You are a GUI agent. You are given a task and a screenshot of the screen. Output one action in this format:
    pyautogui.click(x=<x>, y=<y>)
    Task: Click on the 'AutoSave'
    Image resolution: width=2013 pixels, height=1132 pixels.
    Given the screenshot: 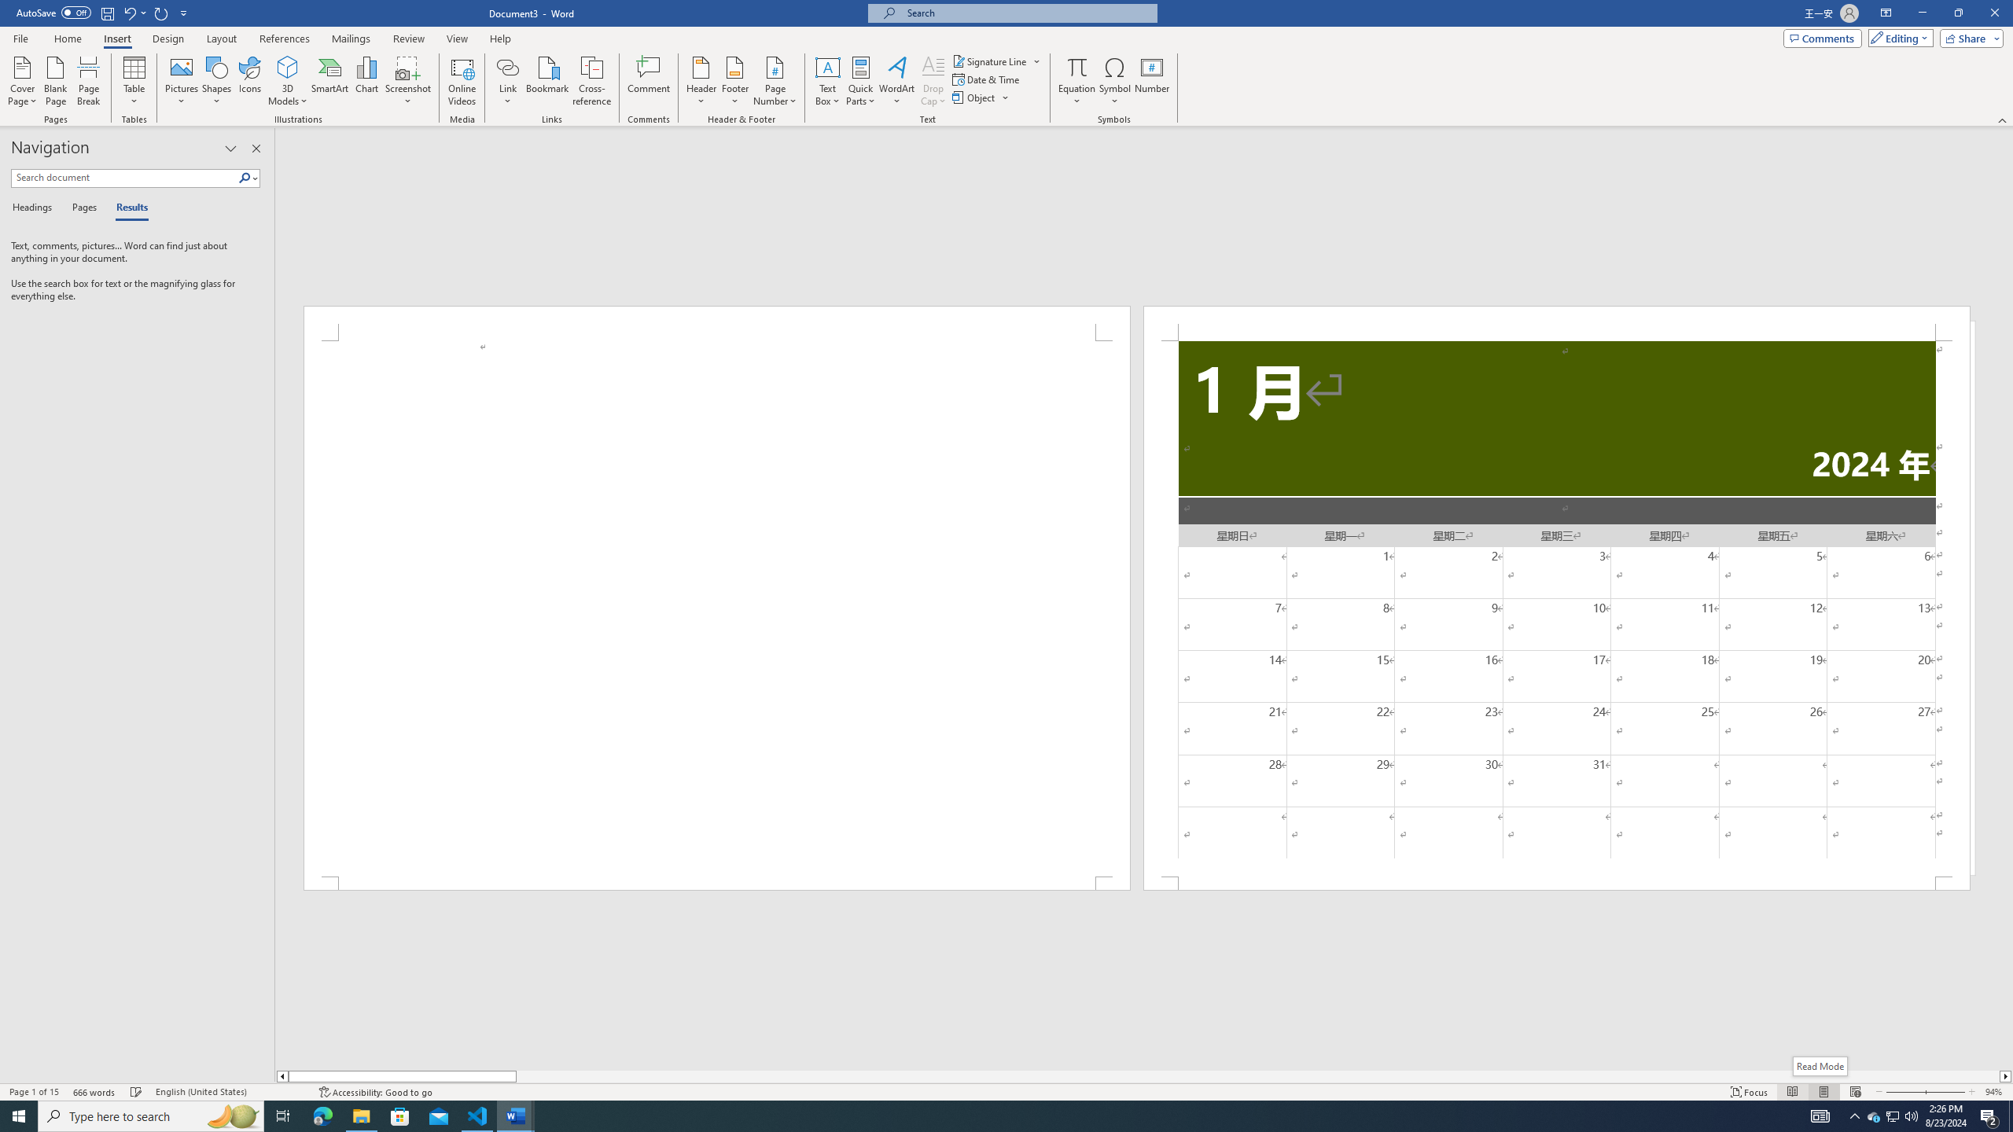 What is the action you would take?
    pyautogui.click(x=54, y=12)
    